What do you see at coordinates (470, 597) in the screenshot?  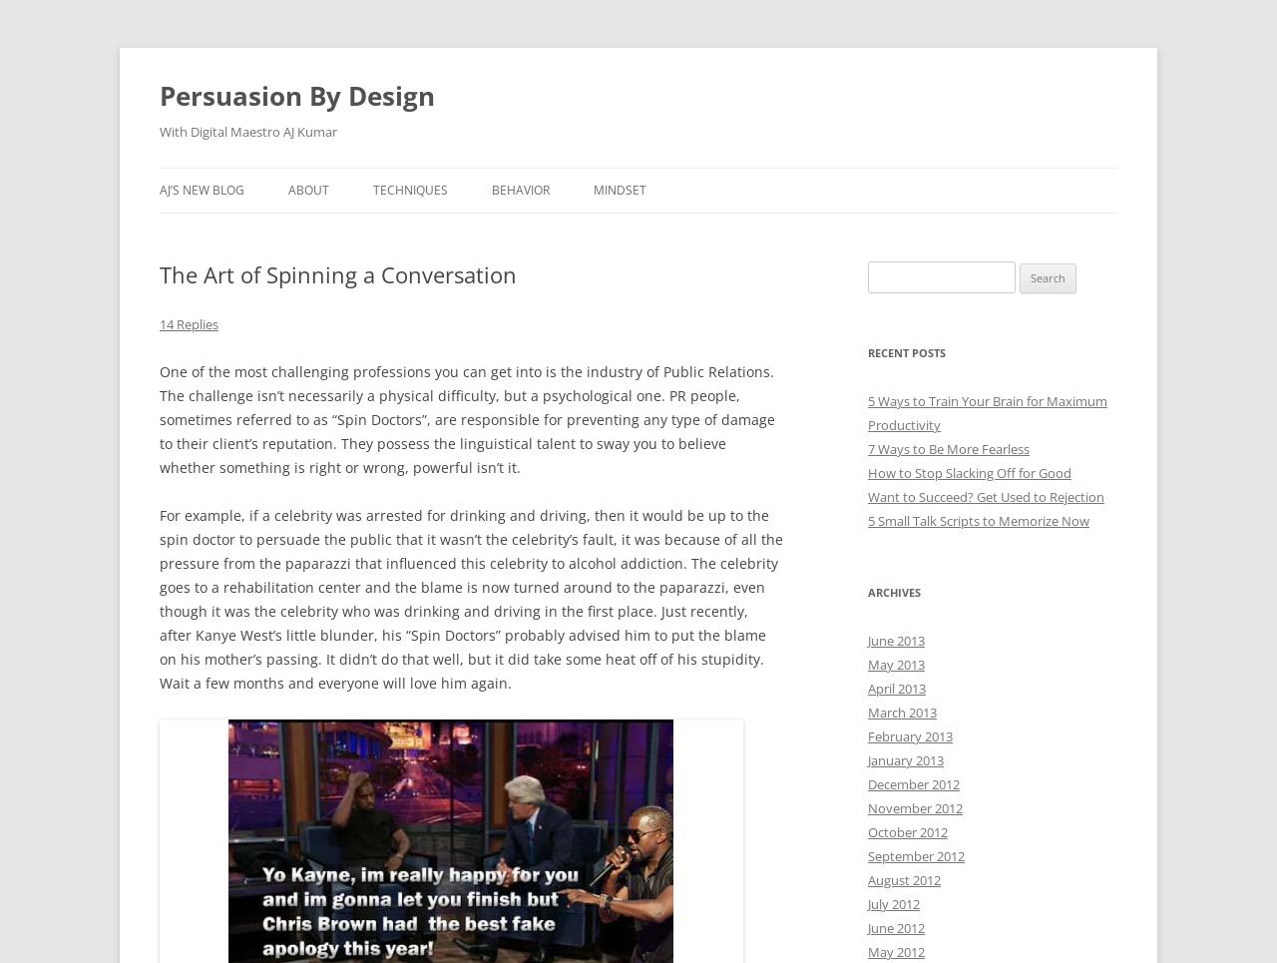 I see `'For example, if a celebrity was arrested for drinking and driving, then it would be up to the spin doctor to persuade the public that it wasn’t the celebrity’s fault, it was because of all the pressure from the paparazzi that influenced this celebrity to alcohol addiction.  The celebrity goes to a rehabilitation center and the blame is now turned around to the paparazzi, even though it was the celebrity who was drinking and driving in the first place. Just recently, after Kanye West’s little blunder, his “Spin Doctors” probably advised him to put the blame on his mother’s passing. It didn’t do that well, but it did take some heat off of his stupidity.  Wait a few months and everyone will love him again.'` at bounding box center [470, 597].